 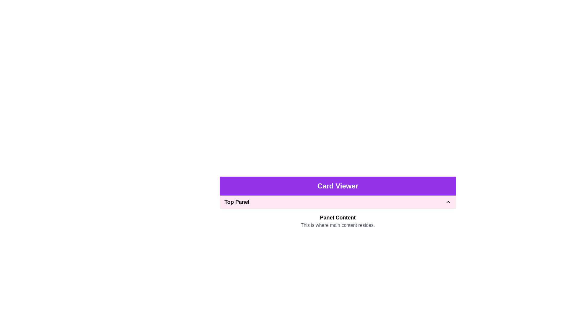 I want to click on the button located to the far right of the 'Top Panel' section, next to the text 'Top Panel', so click(x=448, y=201).